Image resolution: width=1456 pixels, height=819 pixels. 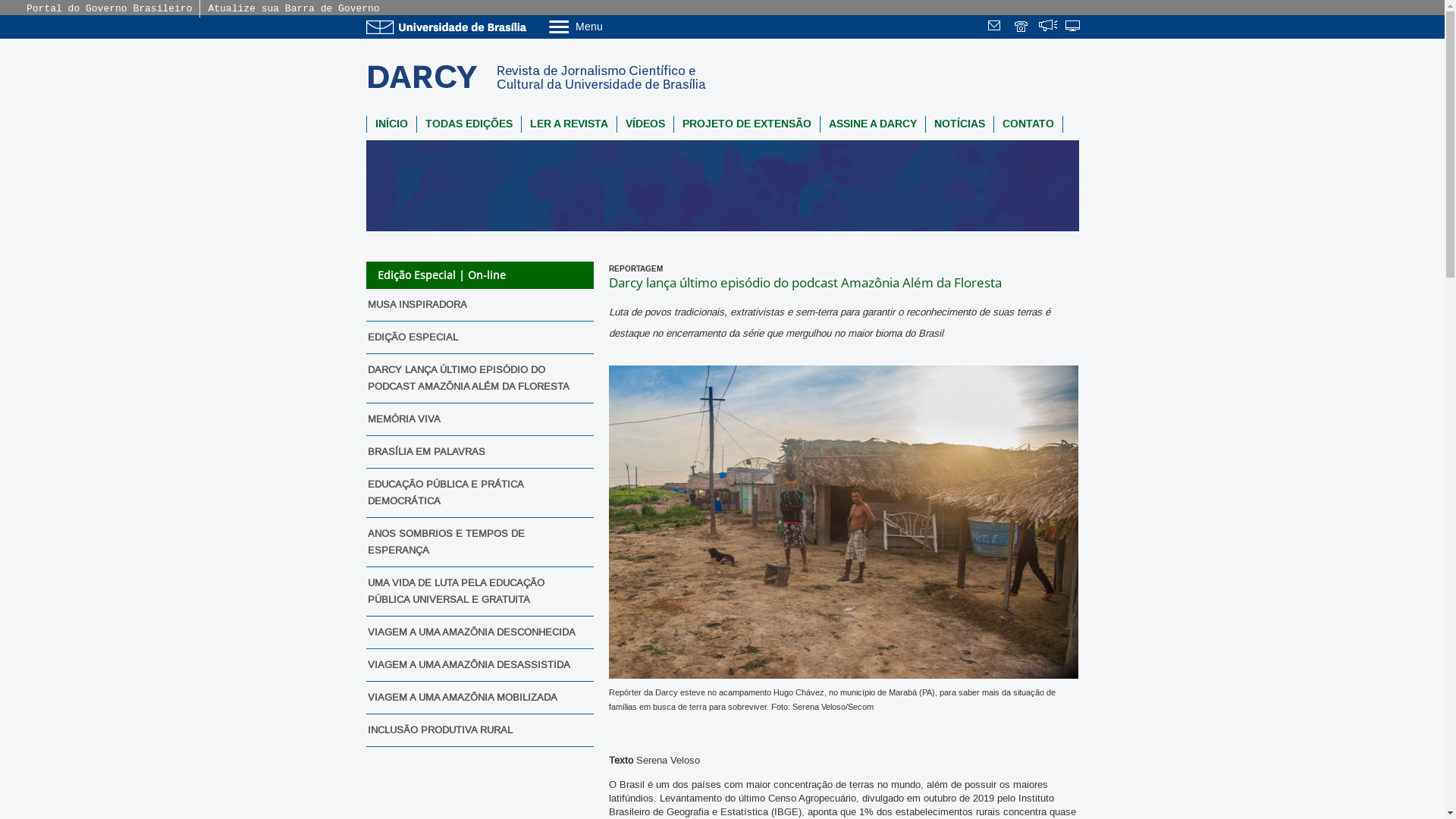 What do you see at coordinates (473, 304) in the screenshot?
I see `'MUSA INSPIRADORA'` at bounding box center [473, 304].